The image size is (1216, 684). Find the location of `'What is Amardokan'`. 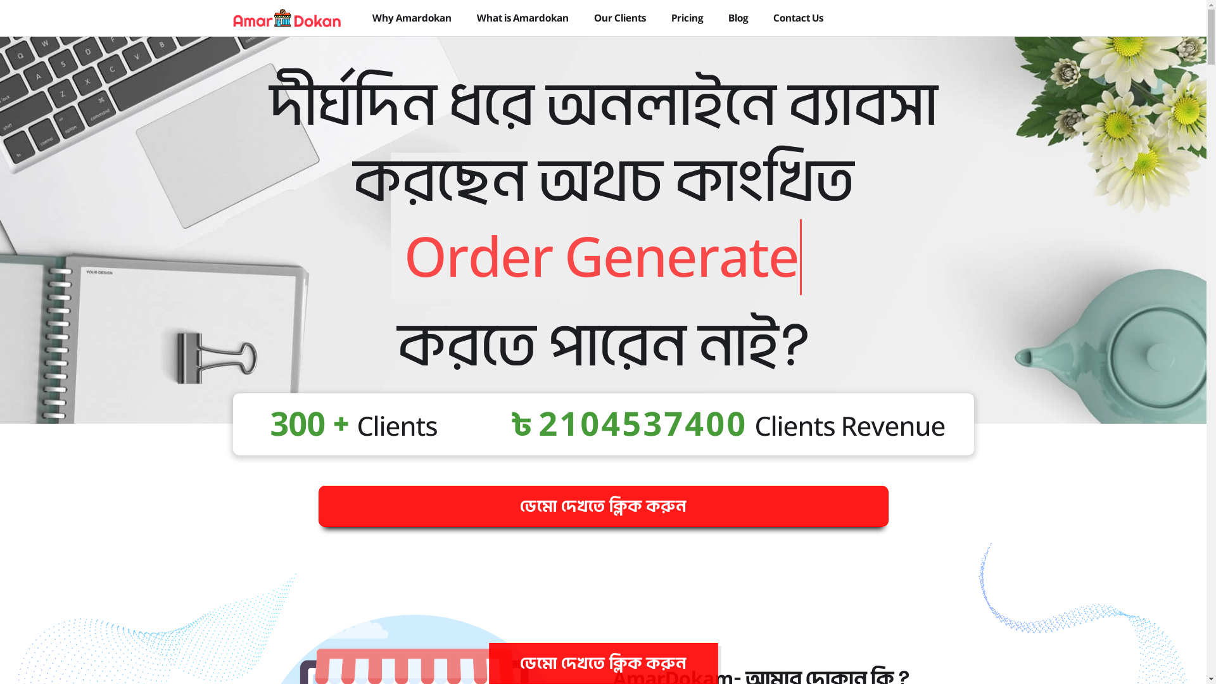

'What is Amardokan' is located at coordinates (522, 18).